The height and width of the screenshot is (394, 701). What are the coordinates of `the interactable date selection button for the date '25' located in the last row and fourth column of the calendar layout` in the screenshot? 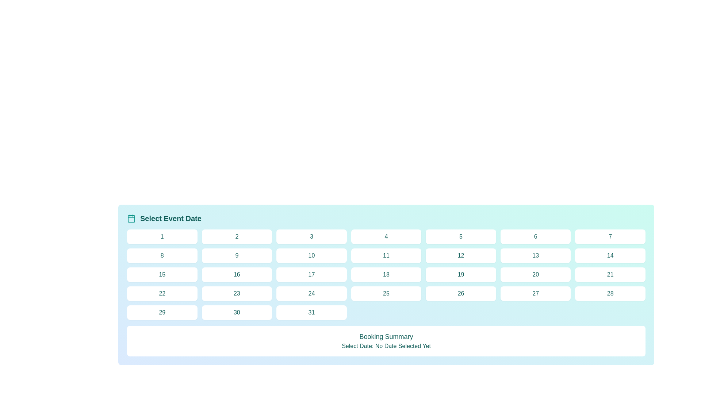 It's located at (386, 293).